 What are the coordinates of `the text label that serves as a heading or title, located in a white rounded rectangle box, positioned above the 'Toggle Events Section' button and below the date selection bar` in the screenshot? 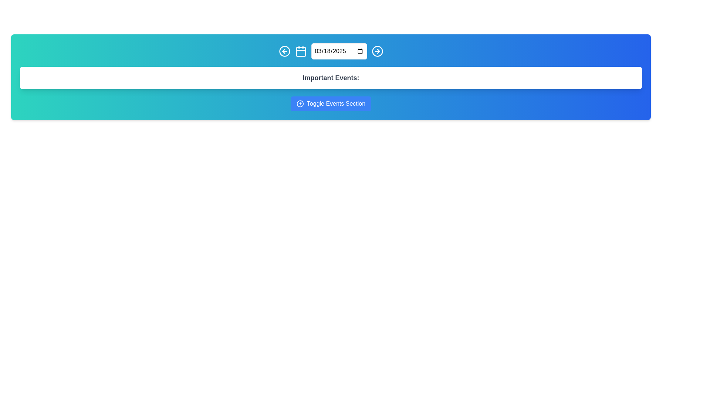 It's located at (330, 78).